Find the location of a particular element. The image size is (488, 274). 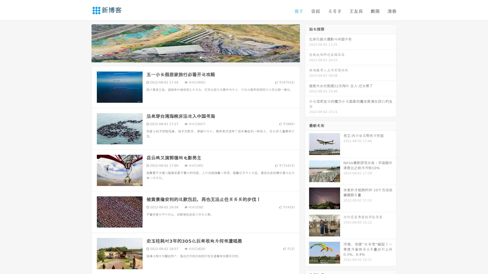

Go to slide 2 is located at coordinates (195, 57).